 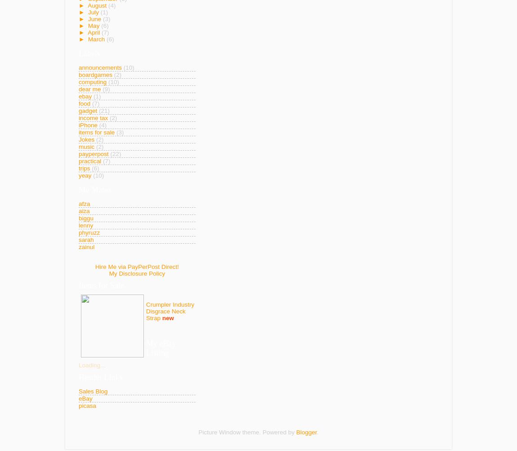 I want to click on 'dear me', so click(x=89, y=89).